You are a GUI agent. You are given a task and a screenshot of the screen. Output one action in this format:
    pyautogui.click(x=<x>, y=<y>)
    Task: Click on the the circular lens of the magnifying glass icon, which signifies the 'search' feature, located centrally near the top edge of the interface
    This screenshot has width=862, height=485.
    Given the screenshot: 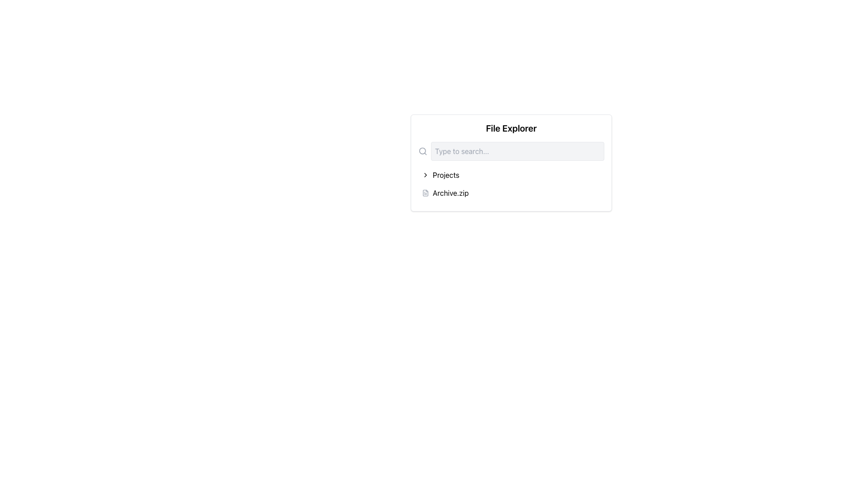 What is the action you would take?
    pyautogui.click(x=422, y=150)
    